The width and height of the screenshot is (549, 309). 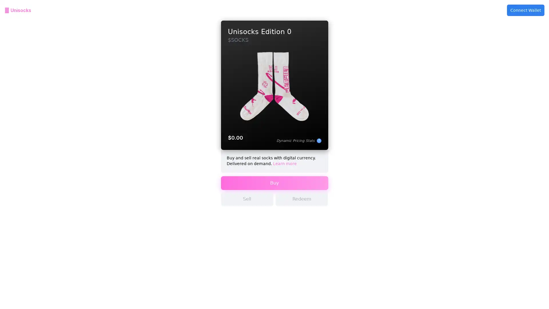 What do you see at coordinates (274, 188) in the screenshot?
I see `Buy` at bounding box center [274, 188].